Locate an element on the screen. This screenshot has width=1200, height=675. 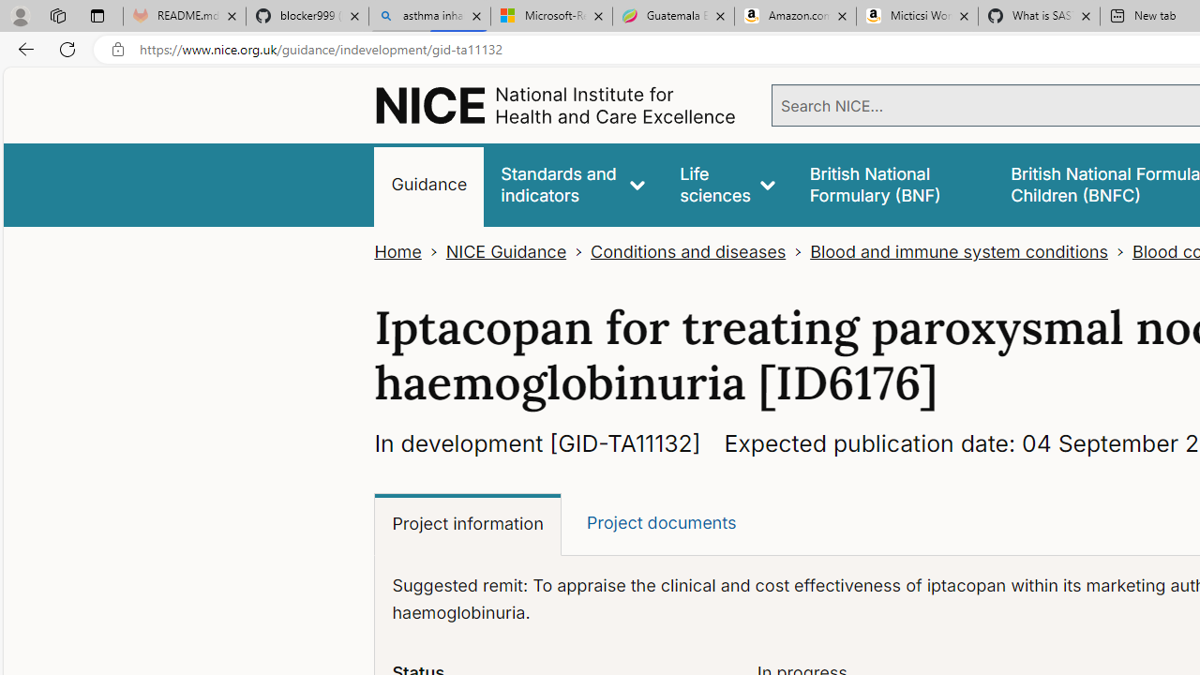
'Personal Profile' is located at coordinates (20, 15).